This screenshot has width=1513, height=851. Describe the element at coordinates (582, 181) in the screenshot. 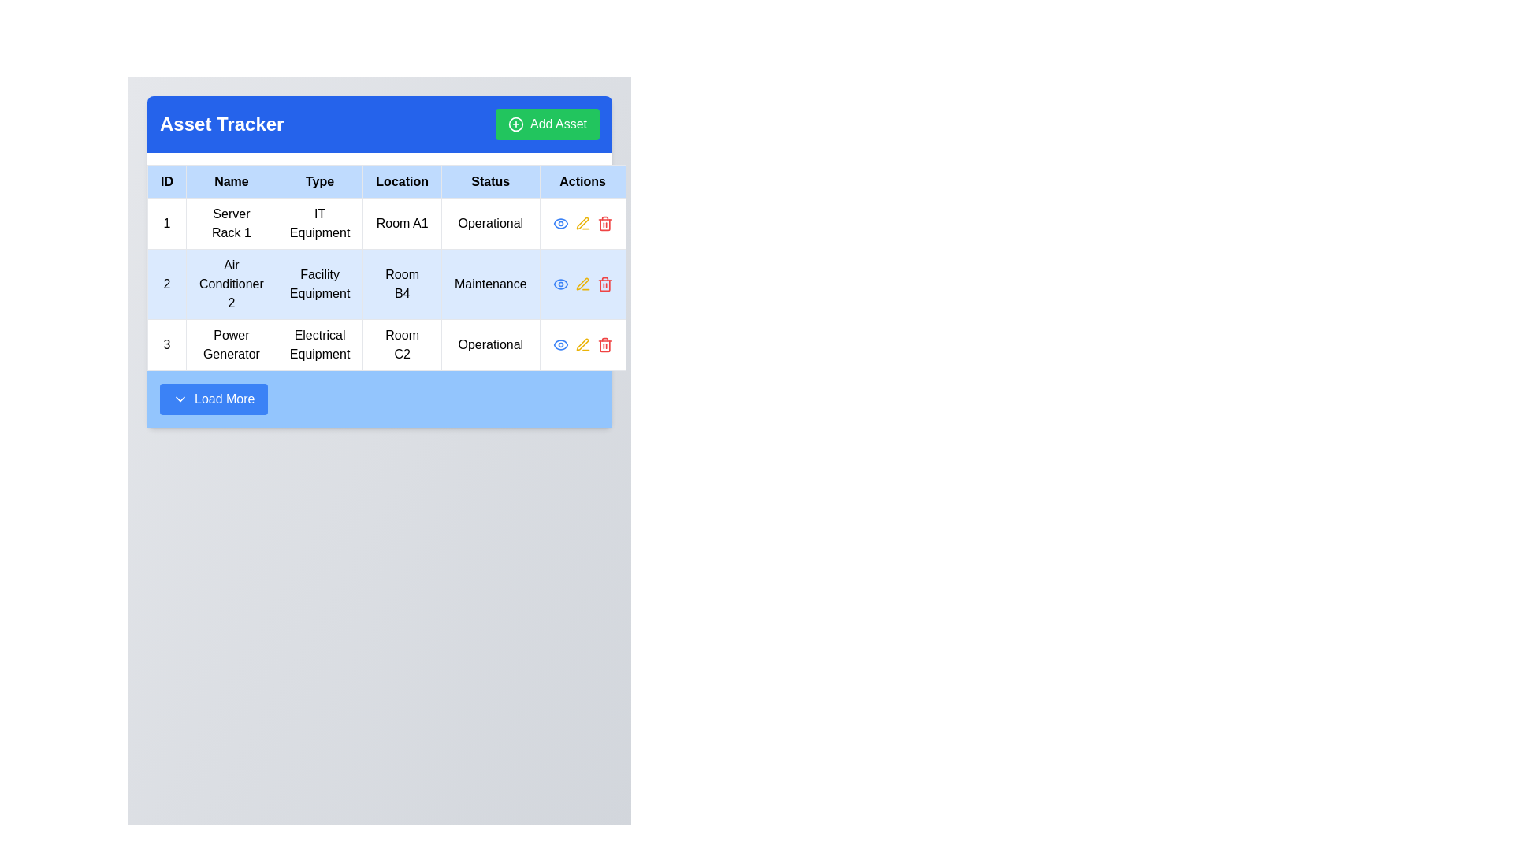

I see `the 'Actions' column header, which is the sixth and last column header in the table, located at the top-right portion of the header row` at that location.